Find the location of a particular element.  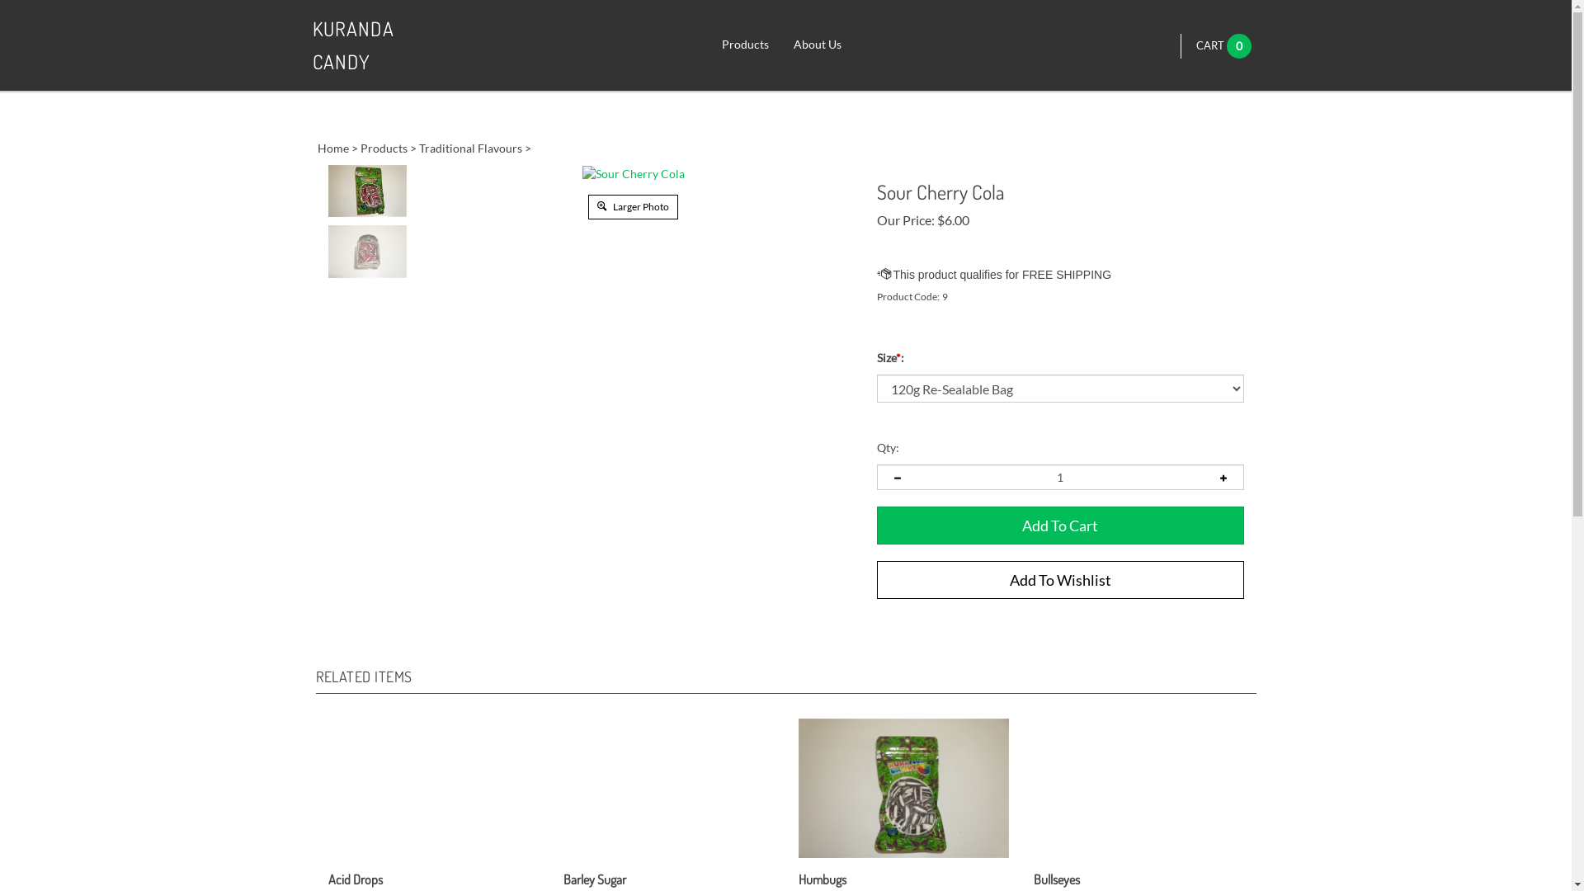

'Larger Photo' is located at coordinates (632, 205).